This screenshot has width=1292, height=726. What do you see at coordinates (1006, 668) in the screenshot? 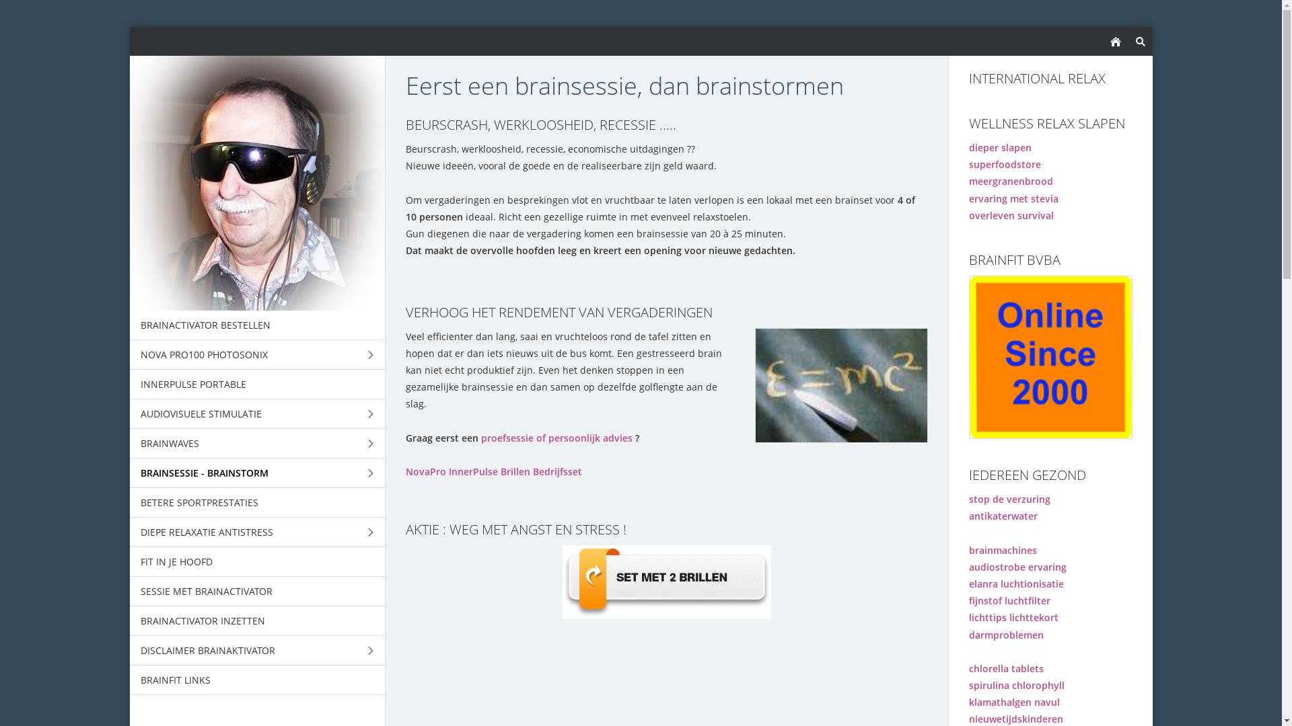
I see `'chlorella tablets'` at bounding box center [1006, 668].